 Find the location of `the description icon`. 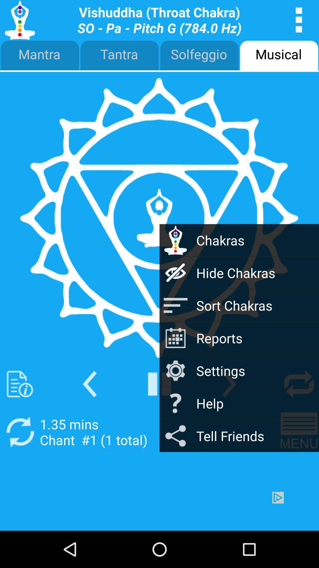

the description icon is located at coordinates (19, 411).